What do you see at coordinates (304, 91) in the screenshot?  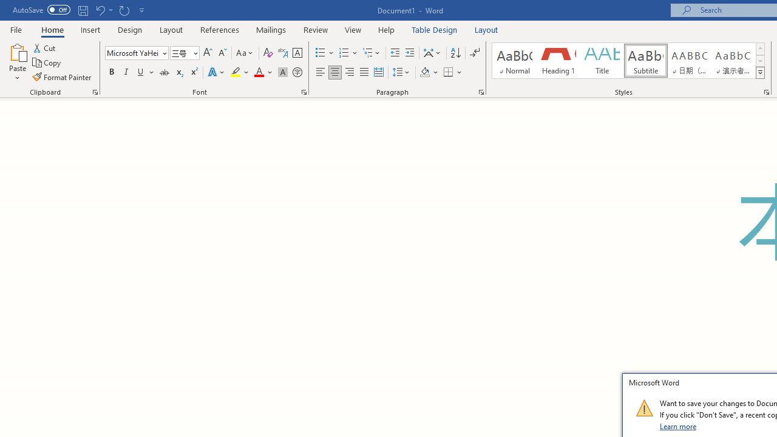 I see `'Font...'` at bounding box center [304, 91].